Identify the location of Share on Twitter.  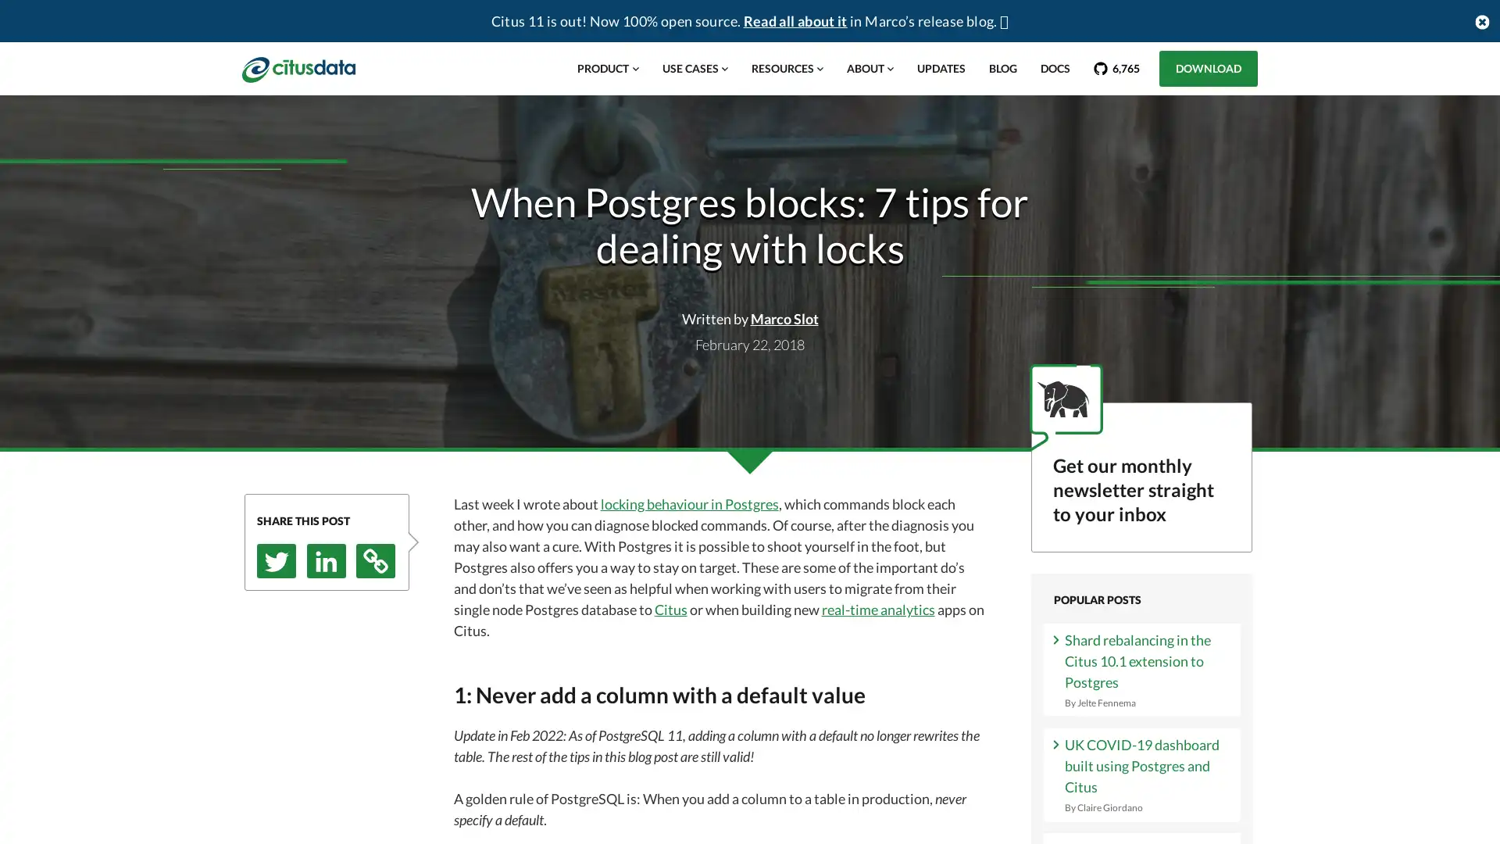
(277, 560).